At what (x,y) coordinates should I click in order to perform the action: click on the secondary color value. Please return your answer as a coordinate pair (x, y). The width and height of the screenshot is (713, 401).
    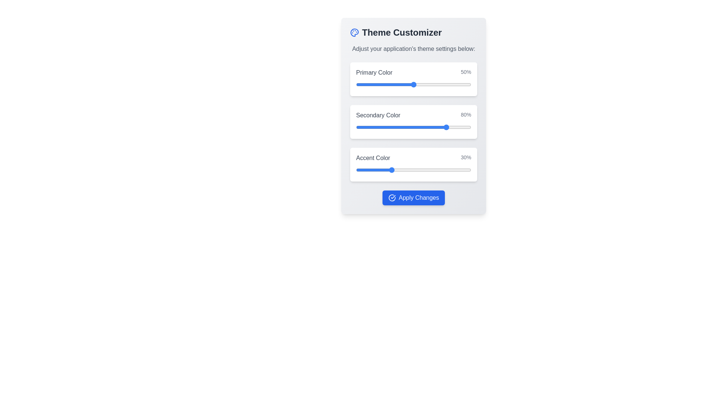
    Looking at the image, I should click on (464, 127).